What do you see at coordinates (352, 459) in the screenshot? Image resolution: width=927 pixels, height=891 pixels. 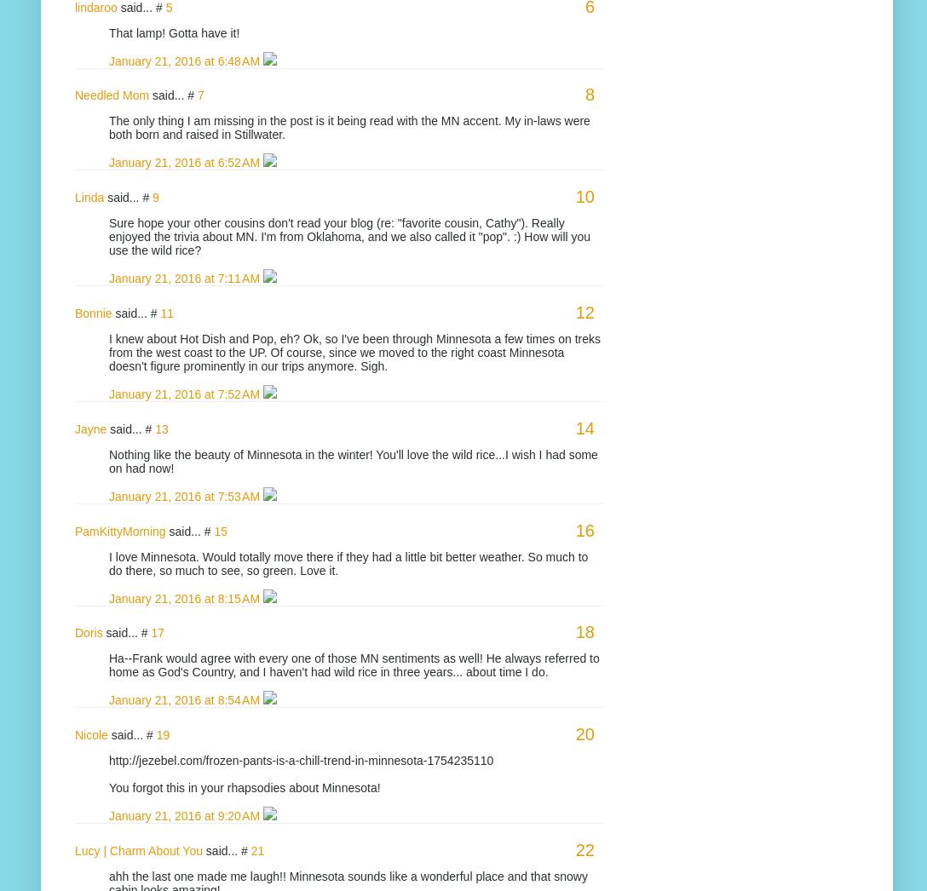 I see `'Nothing like the beauty of Minnesota in the winter!  You'll love the wild rice...I wish I had some on had now!'` at bounding box center [352, 459].